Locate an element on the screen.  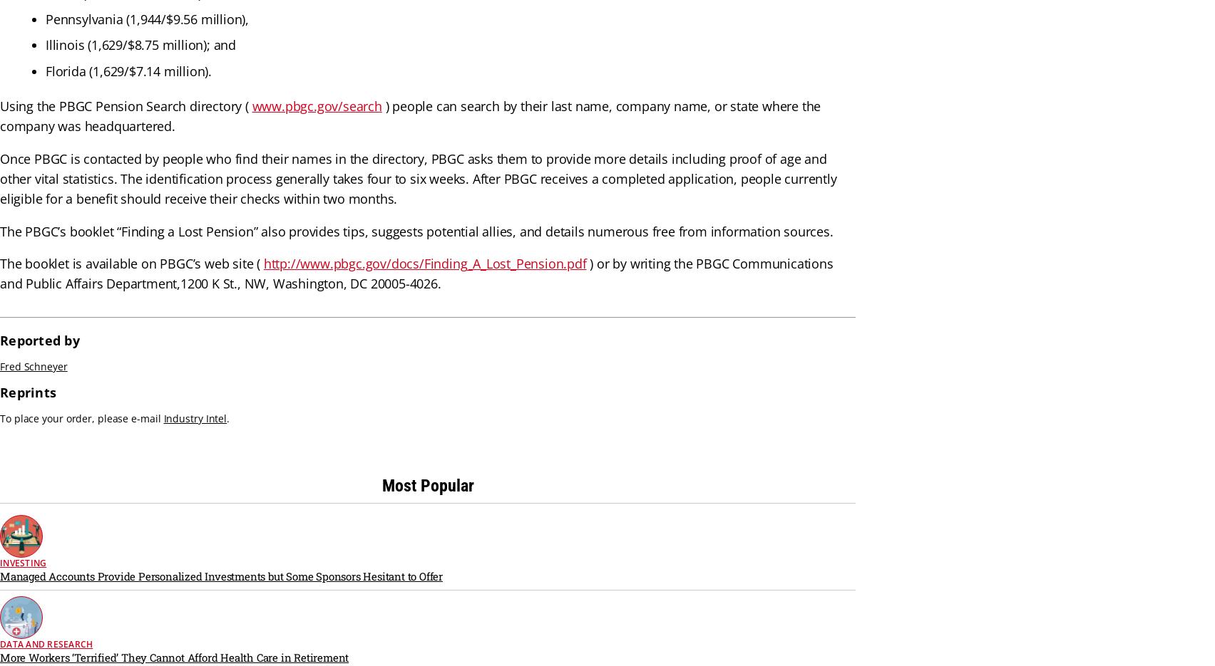
'More Workers ‘Terrified’ They Cannot Afford Health Care in Retirement' is located at coordinates (173, 657).